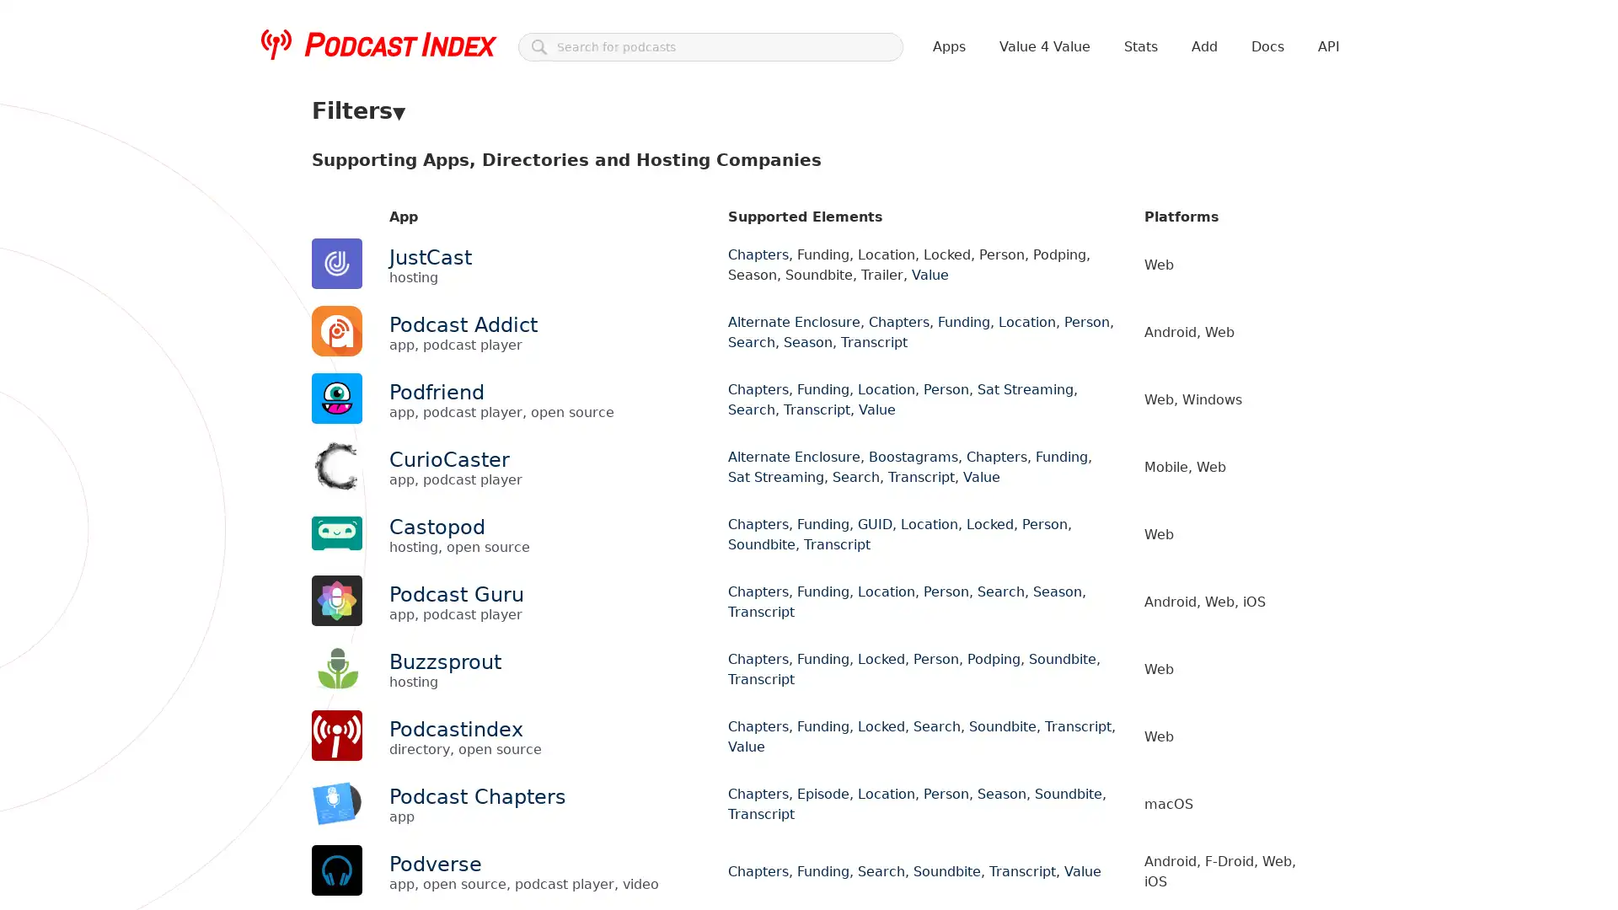  Describe the element at coordinates (678, 254) in the screenshot. I see `Episode` at that location.